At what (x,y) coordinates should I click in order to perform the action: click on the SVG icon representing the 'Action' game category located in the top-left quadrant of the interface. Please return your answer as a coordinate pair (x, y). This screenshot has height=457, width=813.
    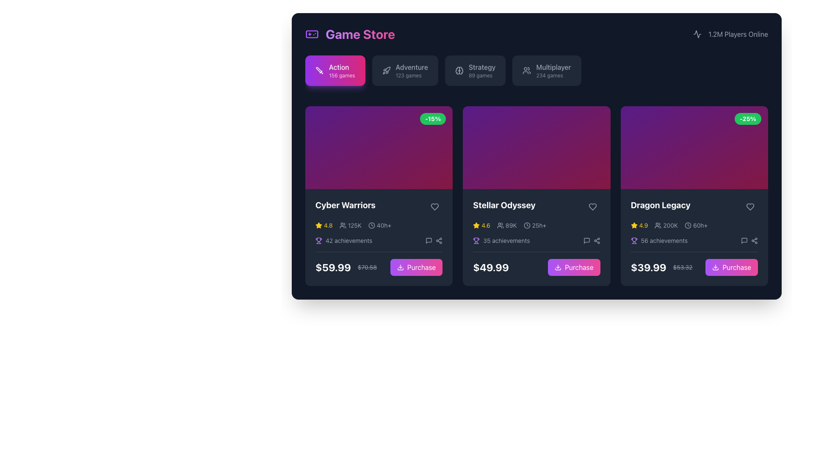
    Looking at the image, I should click on (318, 69).